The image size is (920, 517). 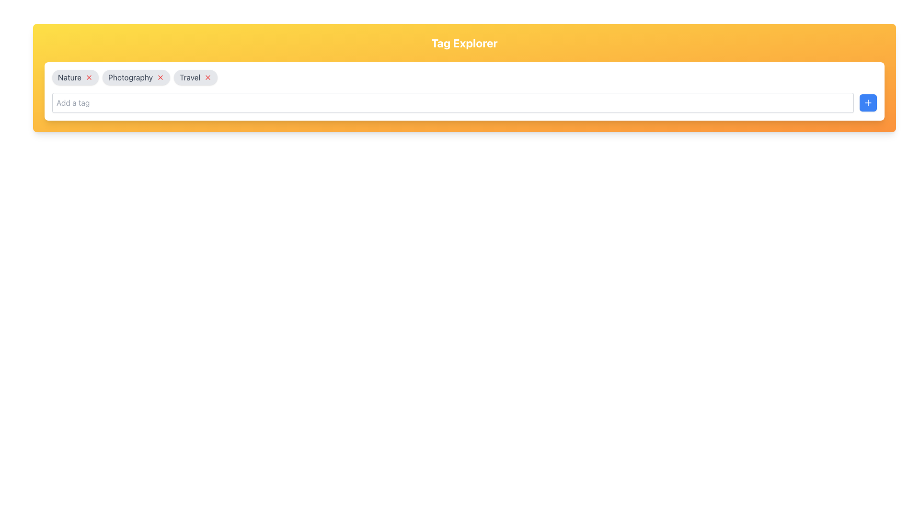 What do you see at coordinates (190, 77) in the screenshot?
I see `the 'Travel' text label, which is part of the tag selector interface and located within a rounded badge in the third position among three tags displayed horizontally` at bounding box center [190, 77].